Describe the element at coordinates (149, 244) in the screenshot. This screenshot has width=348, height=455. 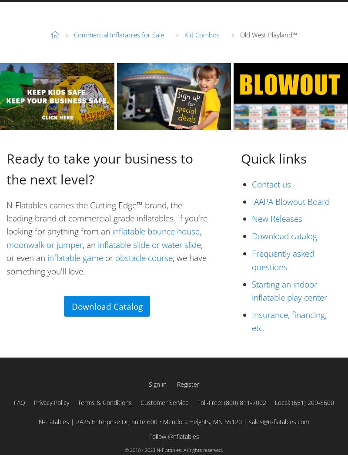
I see `'inflatable slide or water slide'` at that location.